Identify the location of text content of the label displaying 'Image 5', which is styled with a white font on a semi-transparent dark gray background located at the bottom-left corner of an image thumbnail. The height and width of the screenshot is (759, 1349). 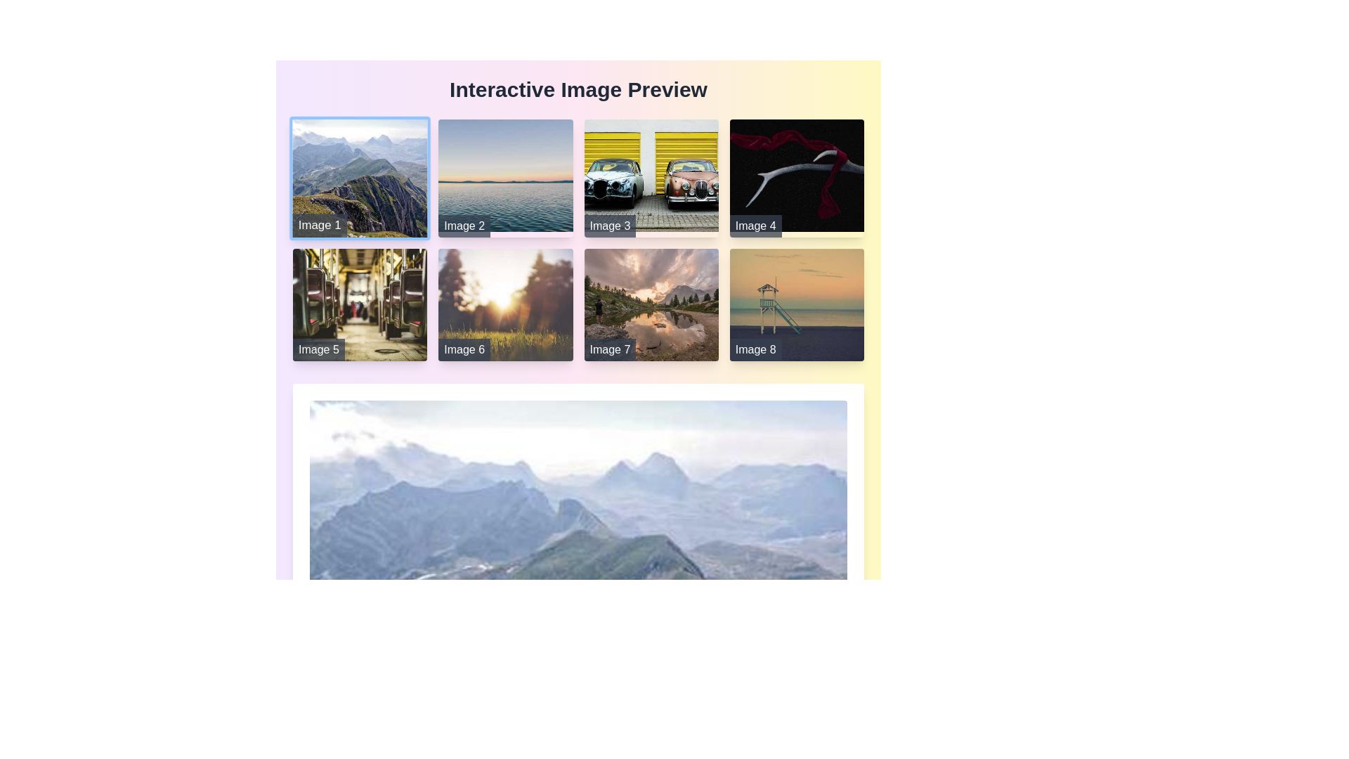
(318, 349).